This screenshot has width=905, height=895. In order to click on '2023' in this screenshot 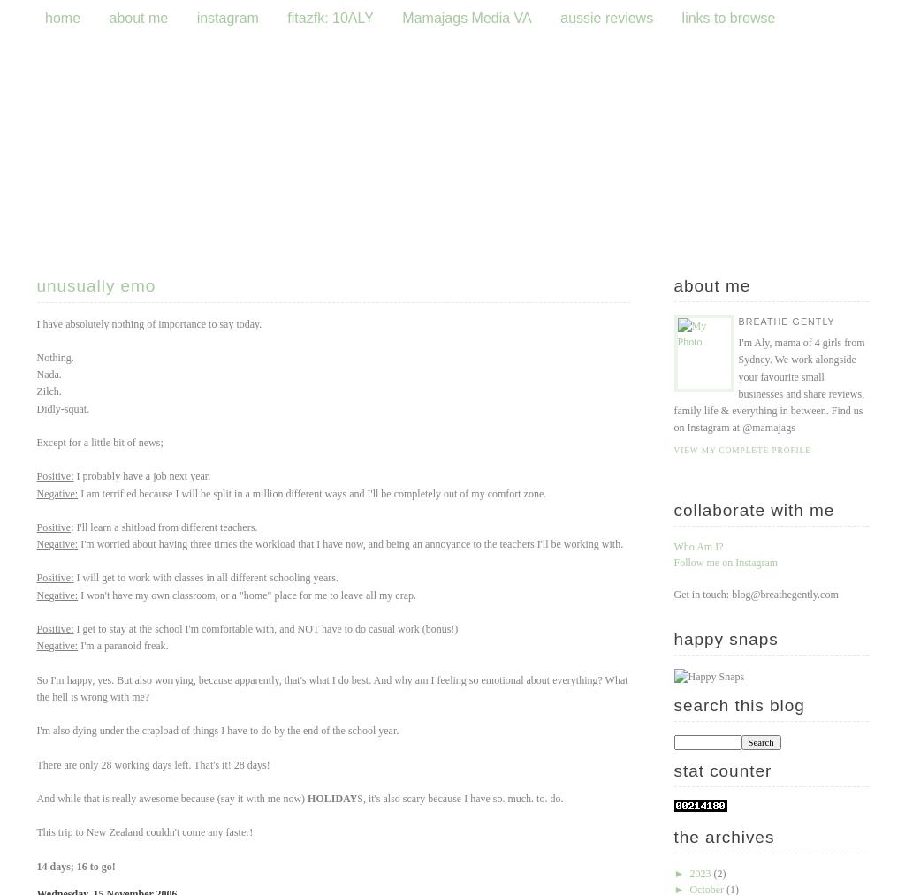, I will do `click(701, 873)`.